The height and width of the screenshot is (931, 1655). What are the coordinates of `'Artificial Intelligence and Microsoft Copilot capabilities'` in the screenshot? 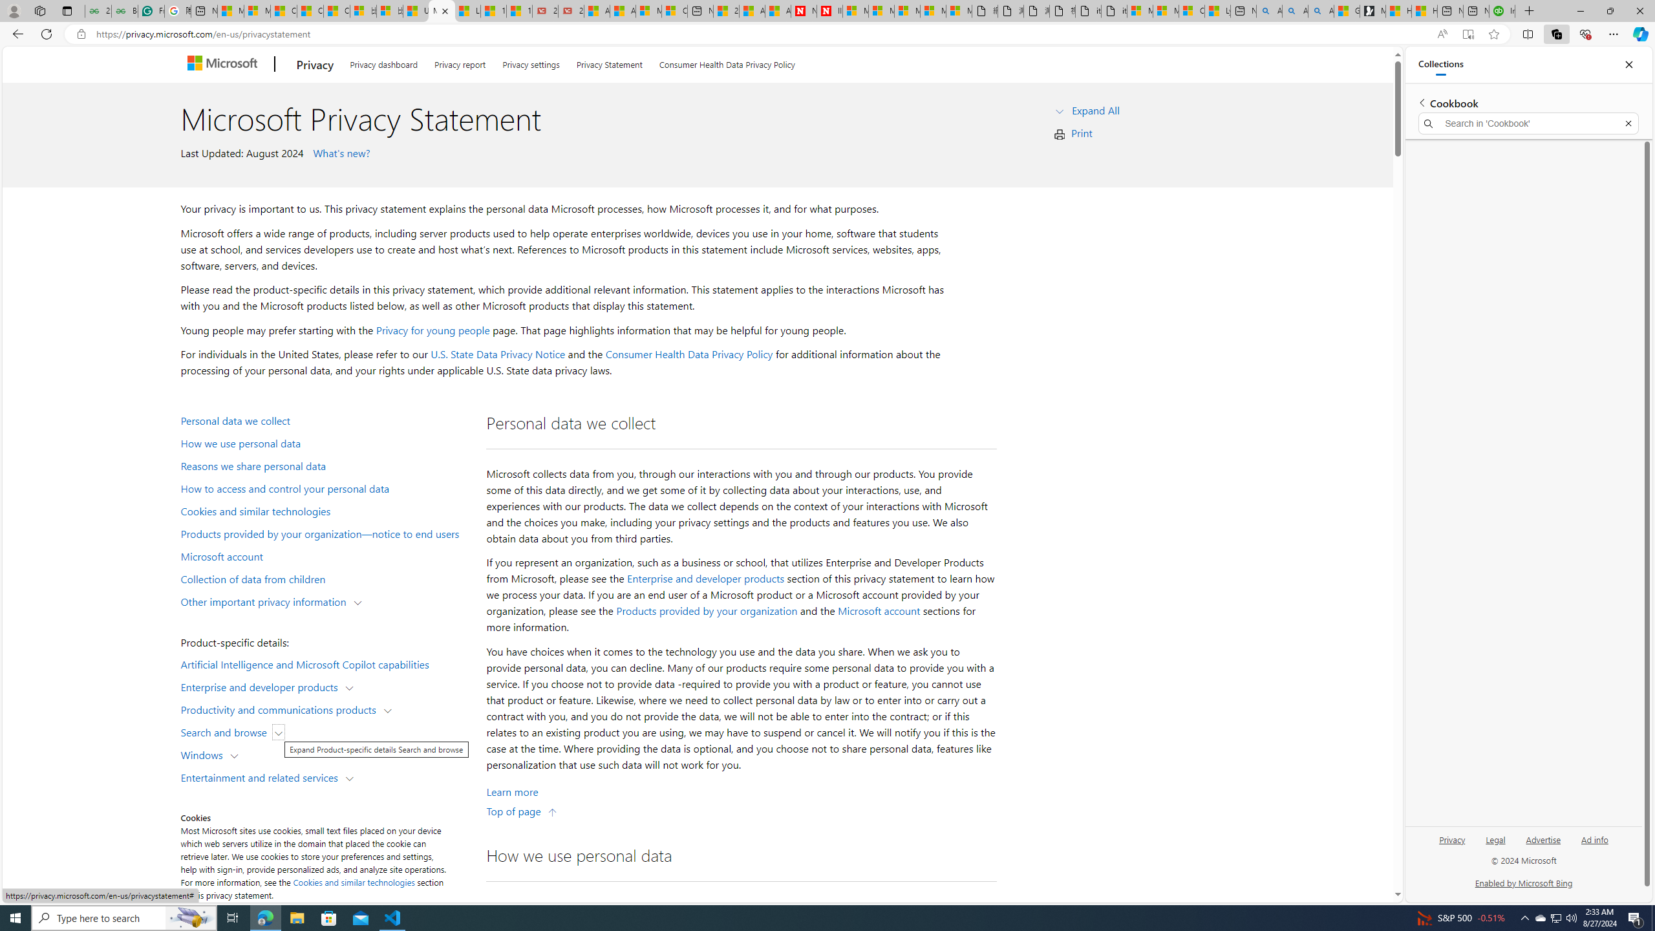 It's located at (326, 663).